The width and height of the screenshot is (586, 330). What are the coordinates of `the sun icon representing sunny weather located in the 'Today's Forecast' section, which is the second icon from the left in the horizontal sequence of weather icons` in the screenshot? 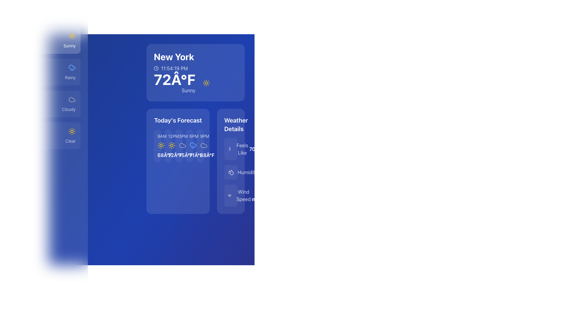 It's located at (161, 145).